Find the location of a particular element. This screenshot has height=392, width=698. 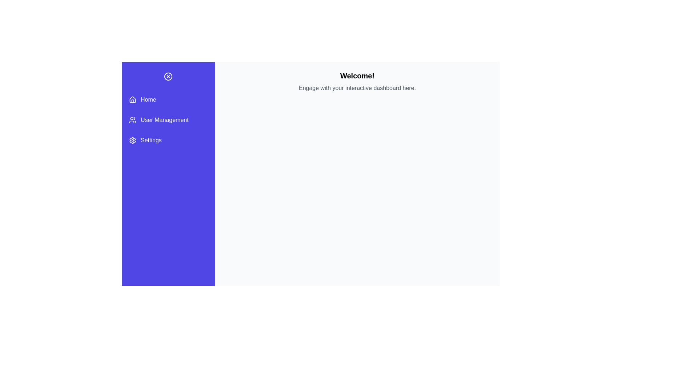

the menu item User Management to navigate is located at coordinates (168, 120).